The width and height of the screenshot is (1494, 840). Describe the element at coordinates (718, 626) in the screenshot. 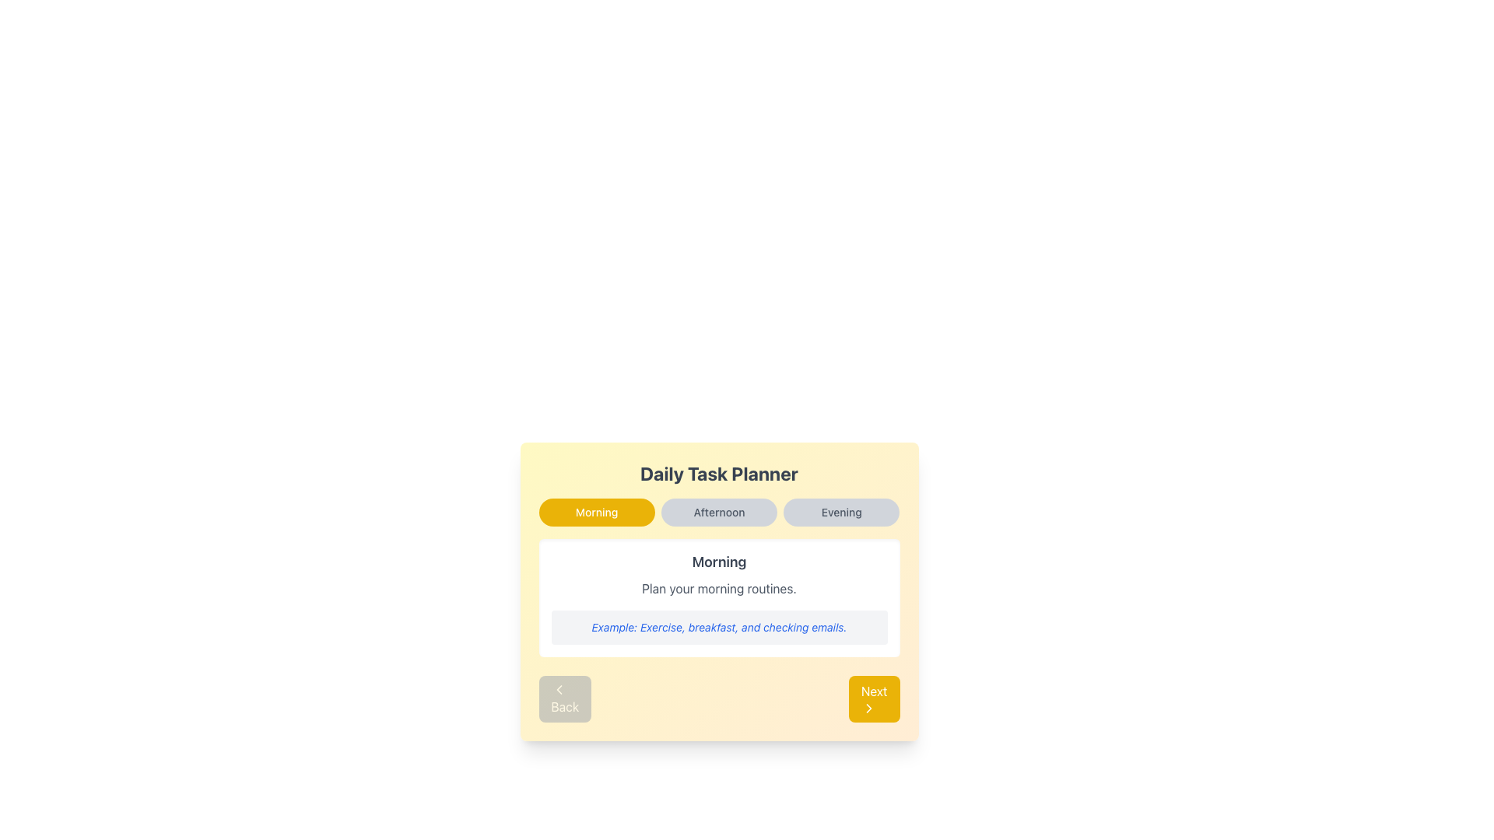

I see `the italicized blue text label that reads 'Example: Exercise, breakfast, and checking emails.' which is located below the 'Plan your morning routines.' section inside the 'Morning.' box` at that location.